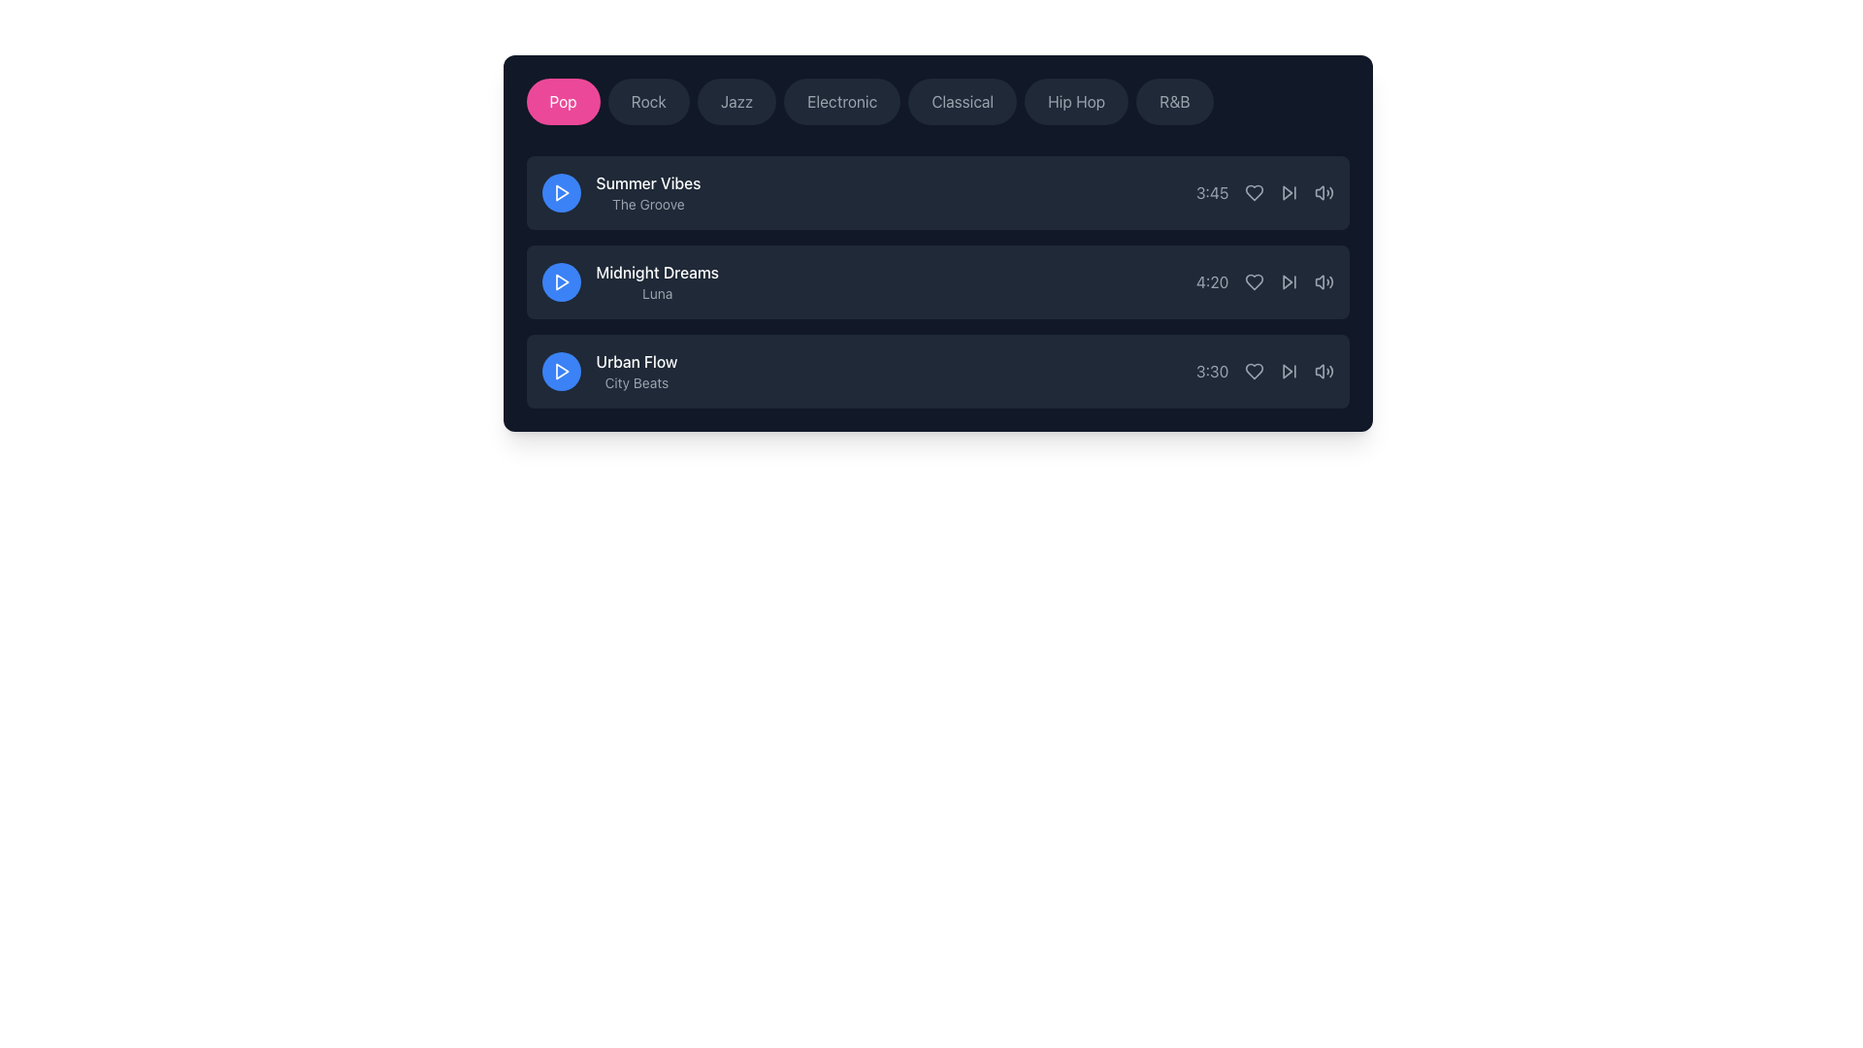 The width and height of the screenshot is (1863, 1048). I want to click on the text label positioned below the 'Urban Flow' title on the far-right of the third listed item, so click(637, 382).